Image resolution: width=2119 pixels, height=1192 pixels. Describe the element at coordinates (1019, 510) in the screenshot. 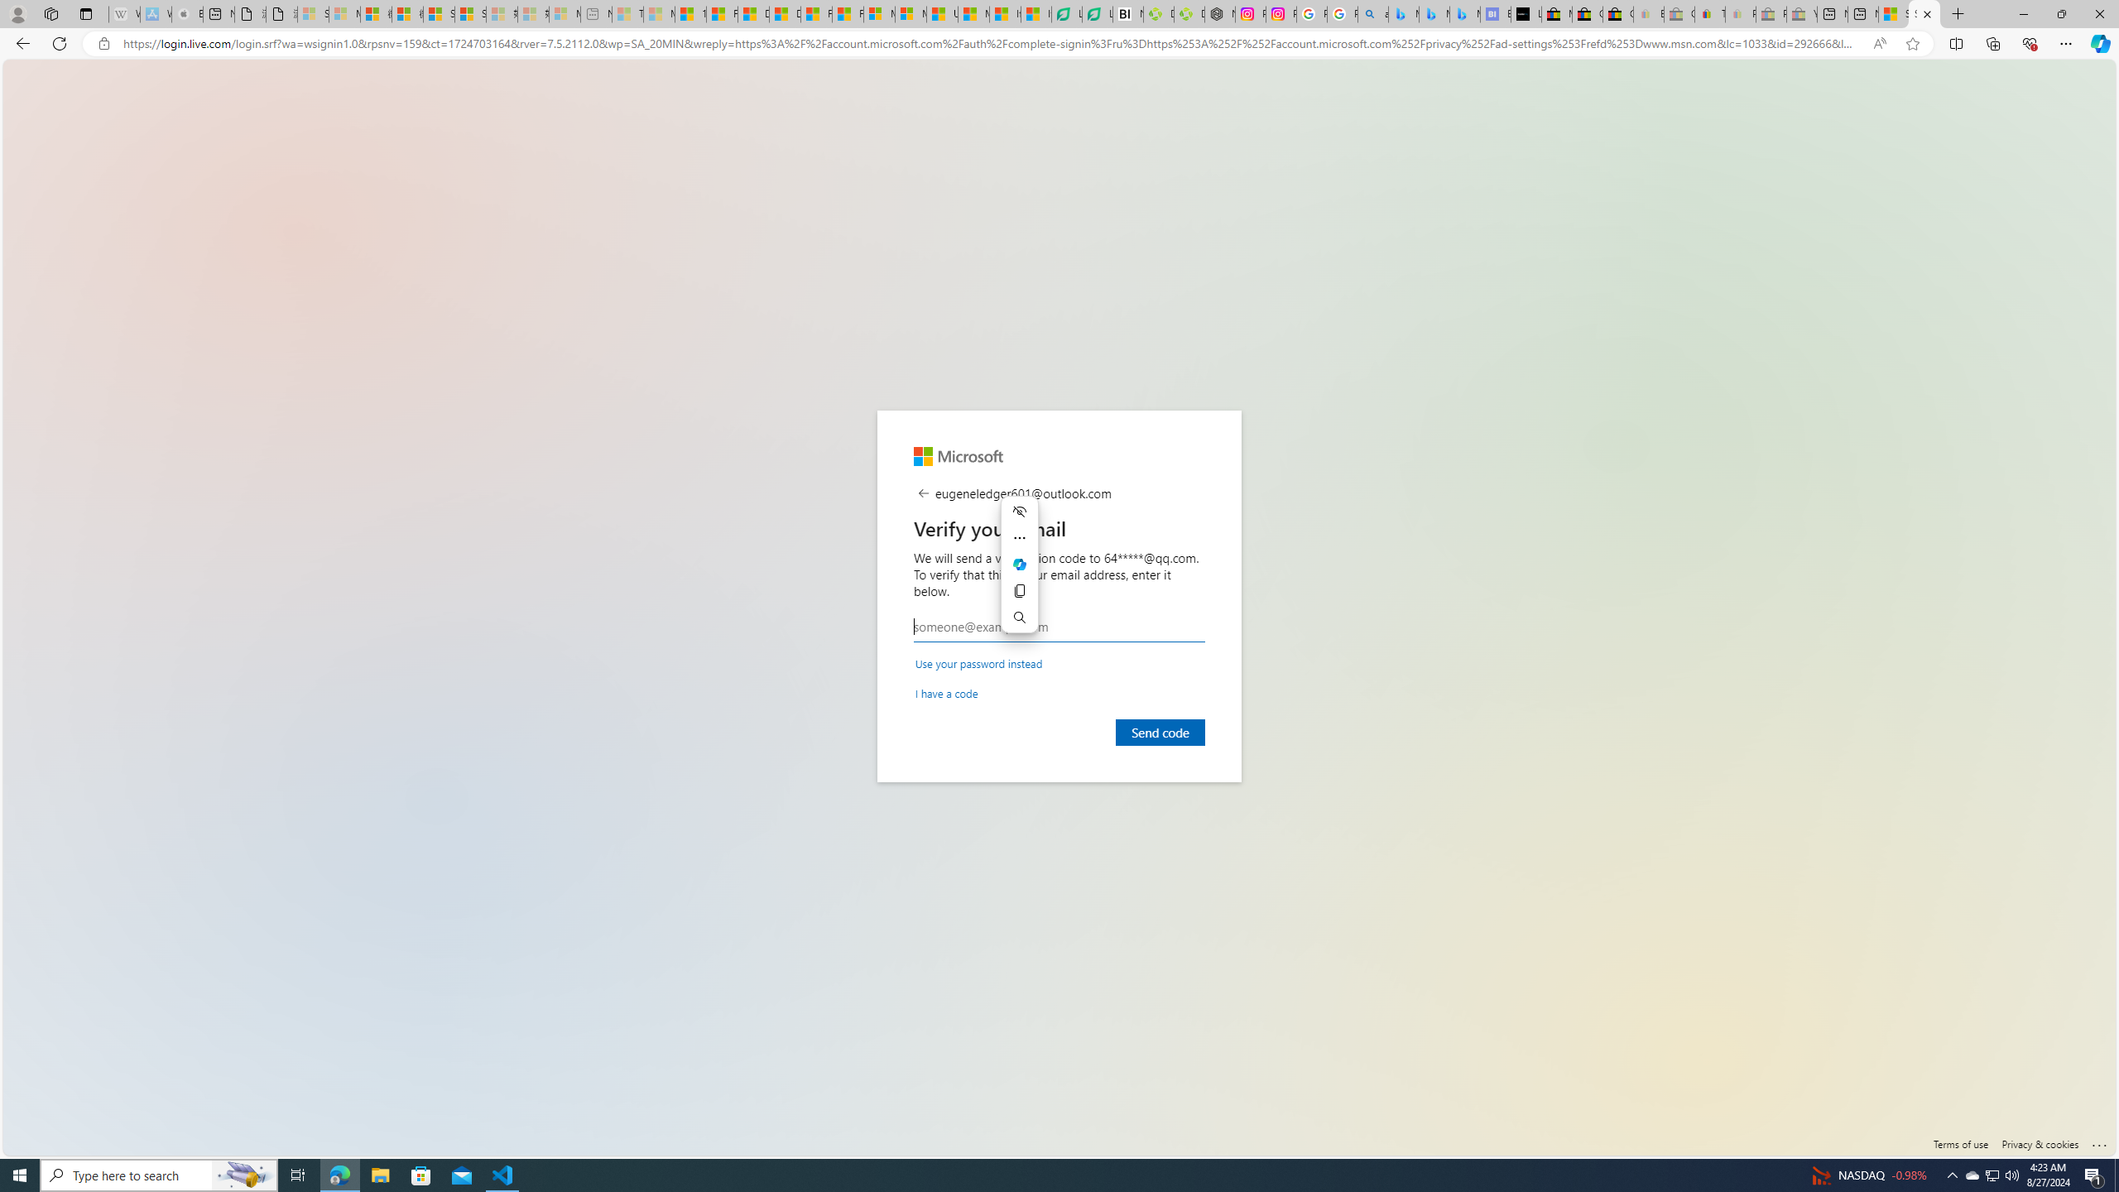

I see `'Hide menu'` at that location.